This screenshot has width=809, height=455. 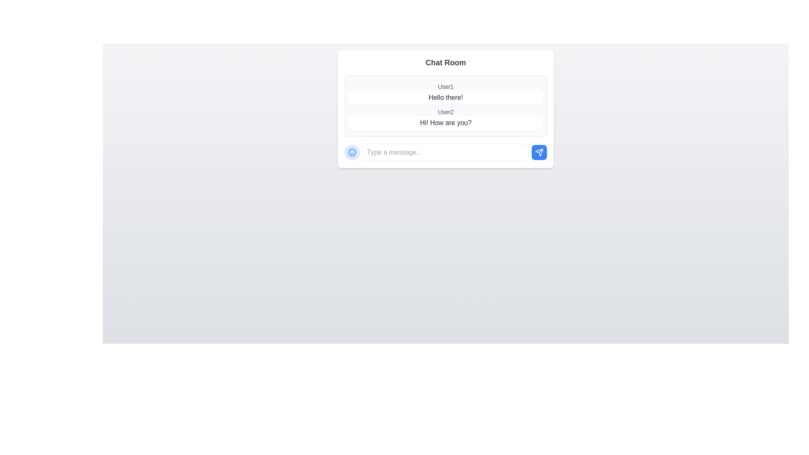 What do you see at coordinates (352, 153) in the screenshot?
I see `the emoji insertion button located to the left of the text input field` at bounding box center [352, 153].